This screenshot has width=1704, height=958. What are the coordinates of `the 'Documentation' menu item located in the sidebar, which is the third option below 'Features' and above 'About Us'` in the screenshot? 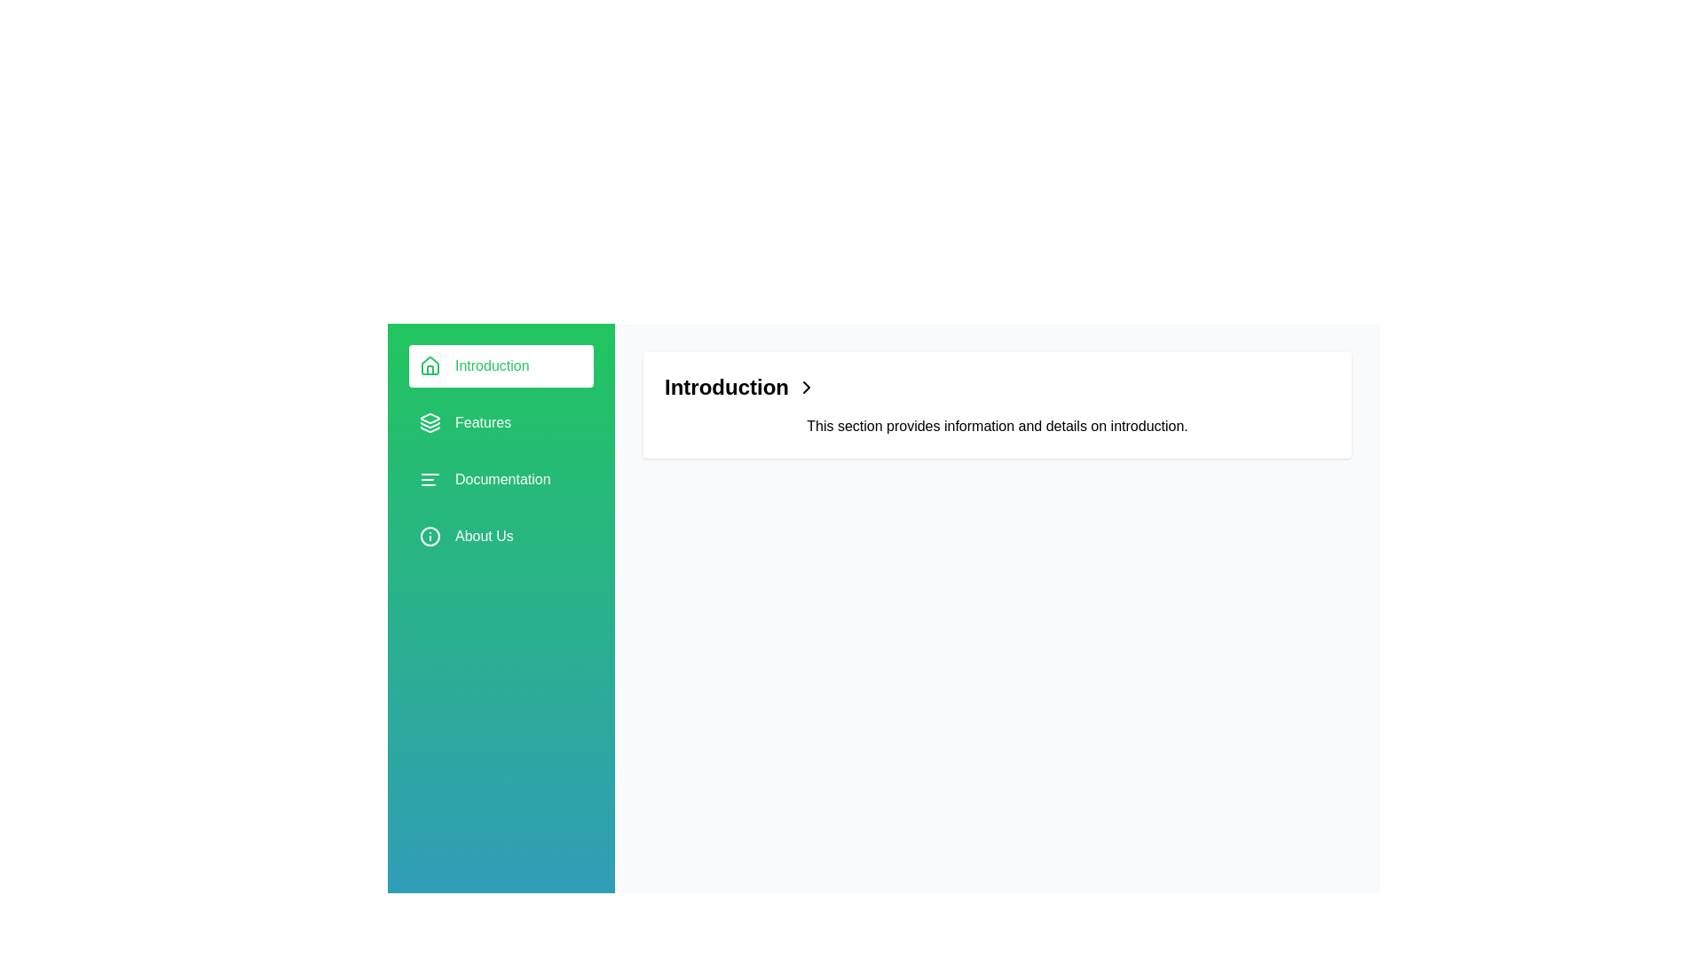 It's located at (501, 479).